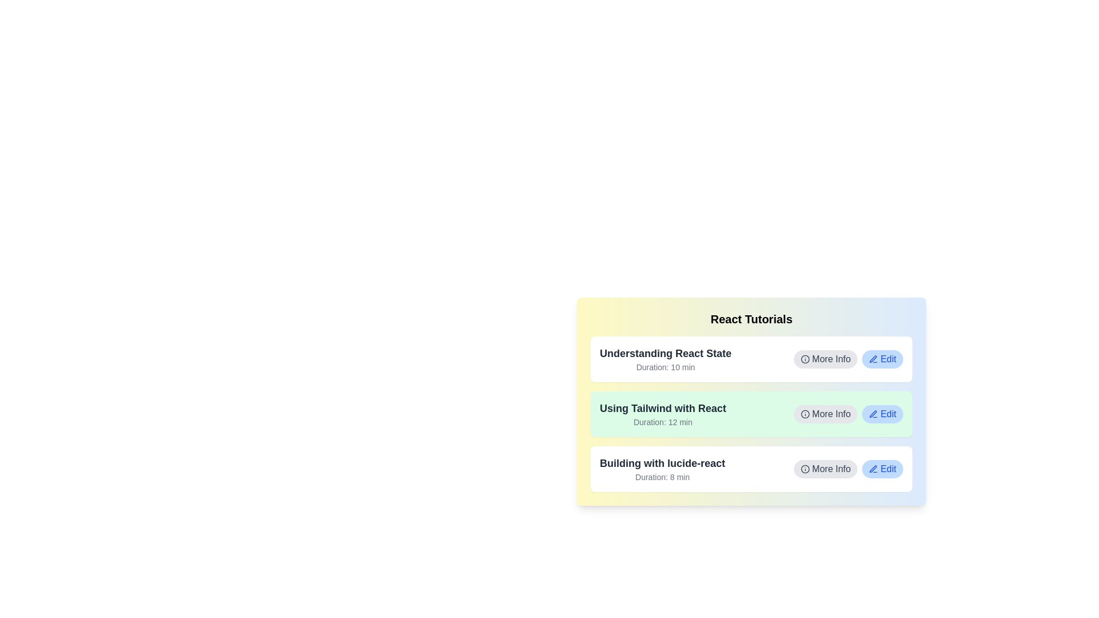 The width and height of the screenshot is (1099, 618). What do you see at coordinates (752, 401) in the screenshot?
I see `the background gradient area of the component` at bounding box center [752, 401].